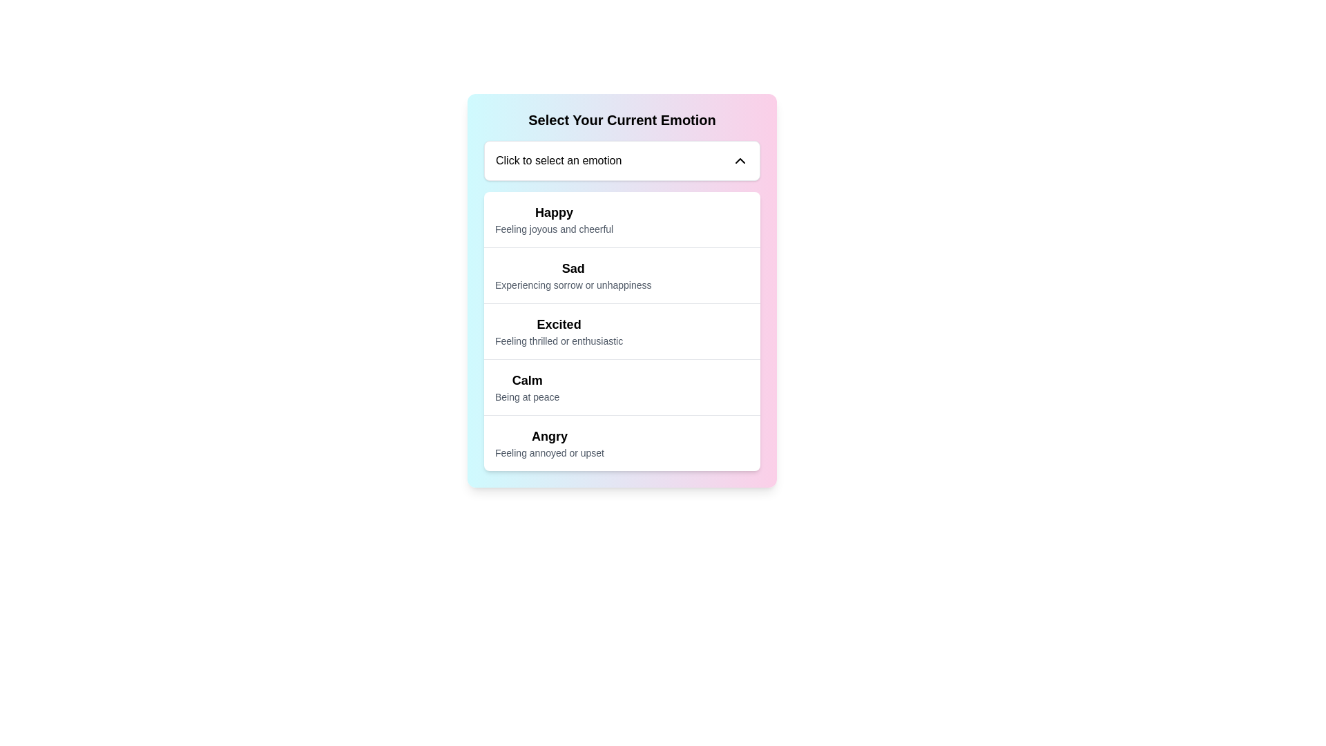  Describe the element at coordinates (549, 437) in the screenshot. I see `text label displaying 'Angry' positioned at the top of the last list item in the dropdown menu titled 'Select Your Current Emotion.'` at that location.